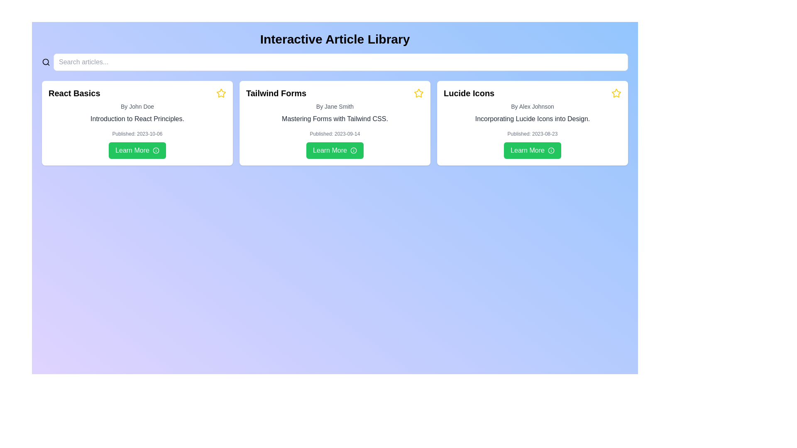 The height and width of the screenshot is (448, 797). I want to click on the button located at the bottom center of the 'Lucide Icons' card, so click(532, 150).